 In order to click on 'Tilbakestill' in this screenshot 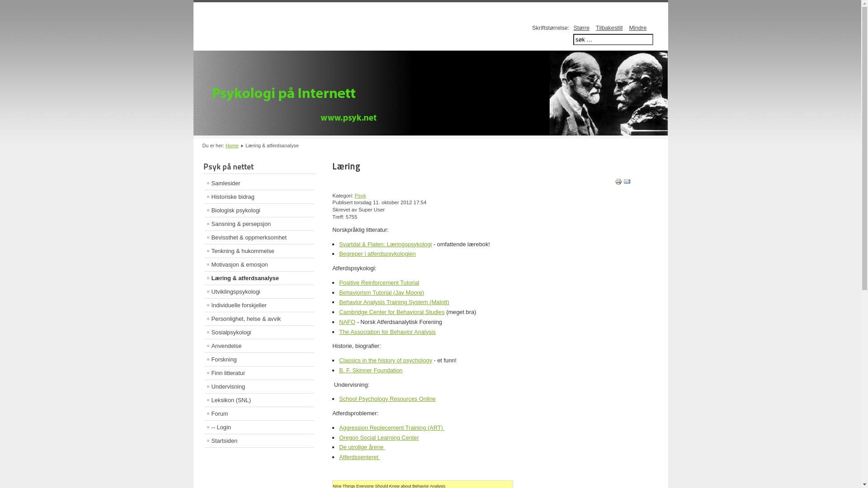, I will do `click(609, 27)`.